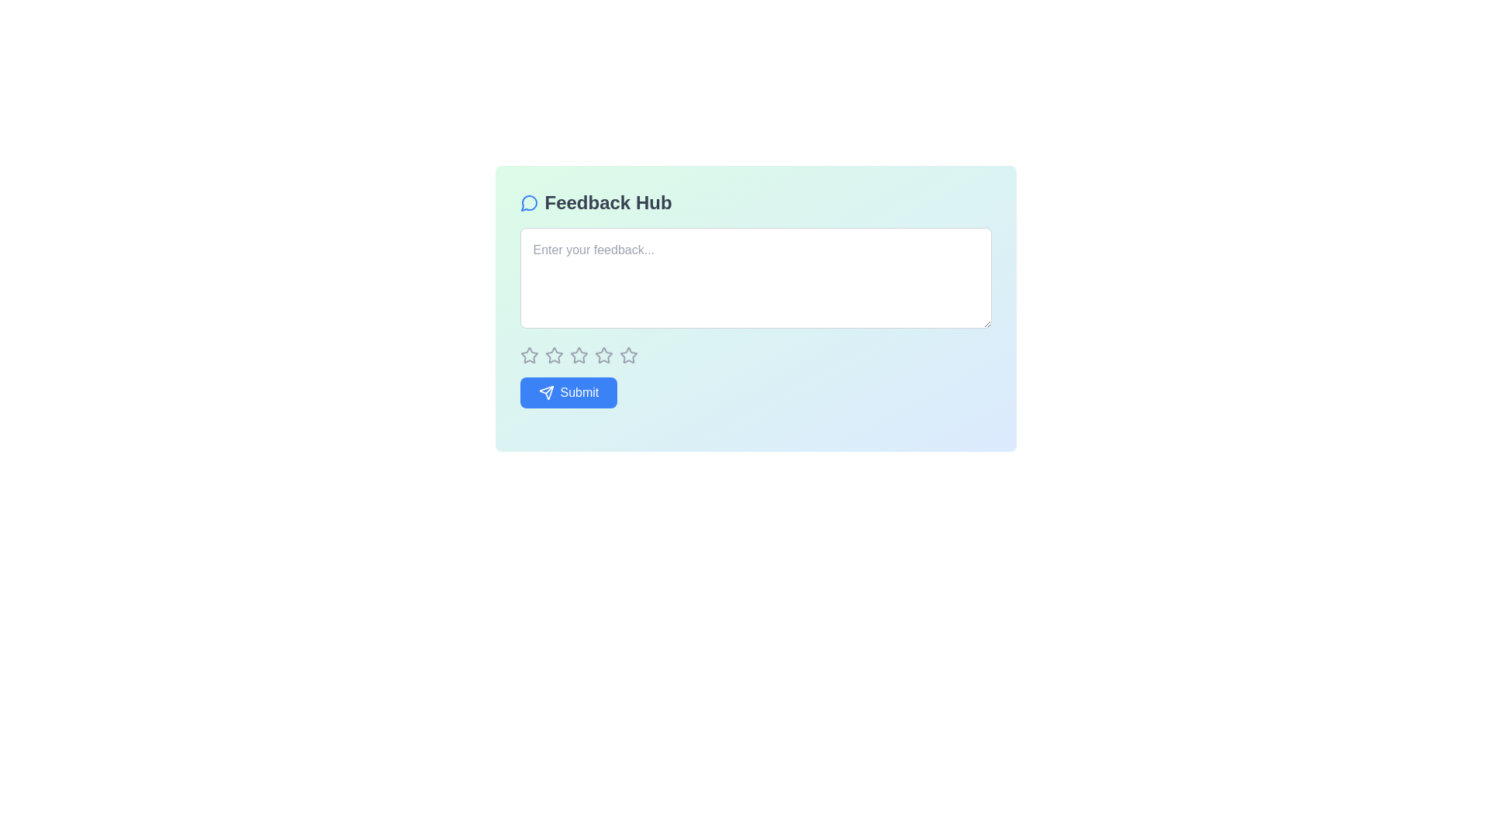 This screenshot has width=1489, height=837. What do you see at coordinates (528, 202) in the screenshot?
I see `the SVG message bubble icon located in the top-left corner of the 'Feedback Hub' interface` at bounding box center [528, 202].